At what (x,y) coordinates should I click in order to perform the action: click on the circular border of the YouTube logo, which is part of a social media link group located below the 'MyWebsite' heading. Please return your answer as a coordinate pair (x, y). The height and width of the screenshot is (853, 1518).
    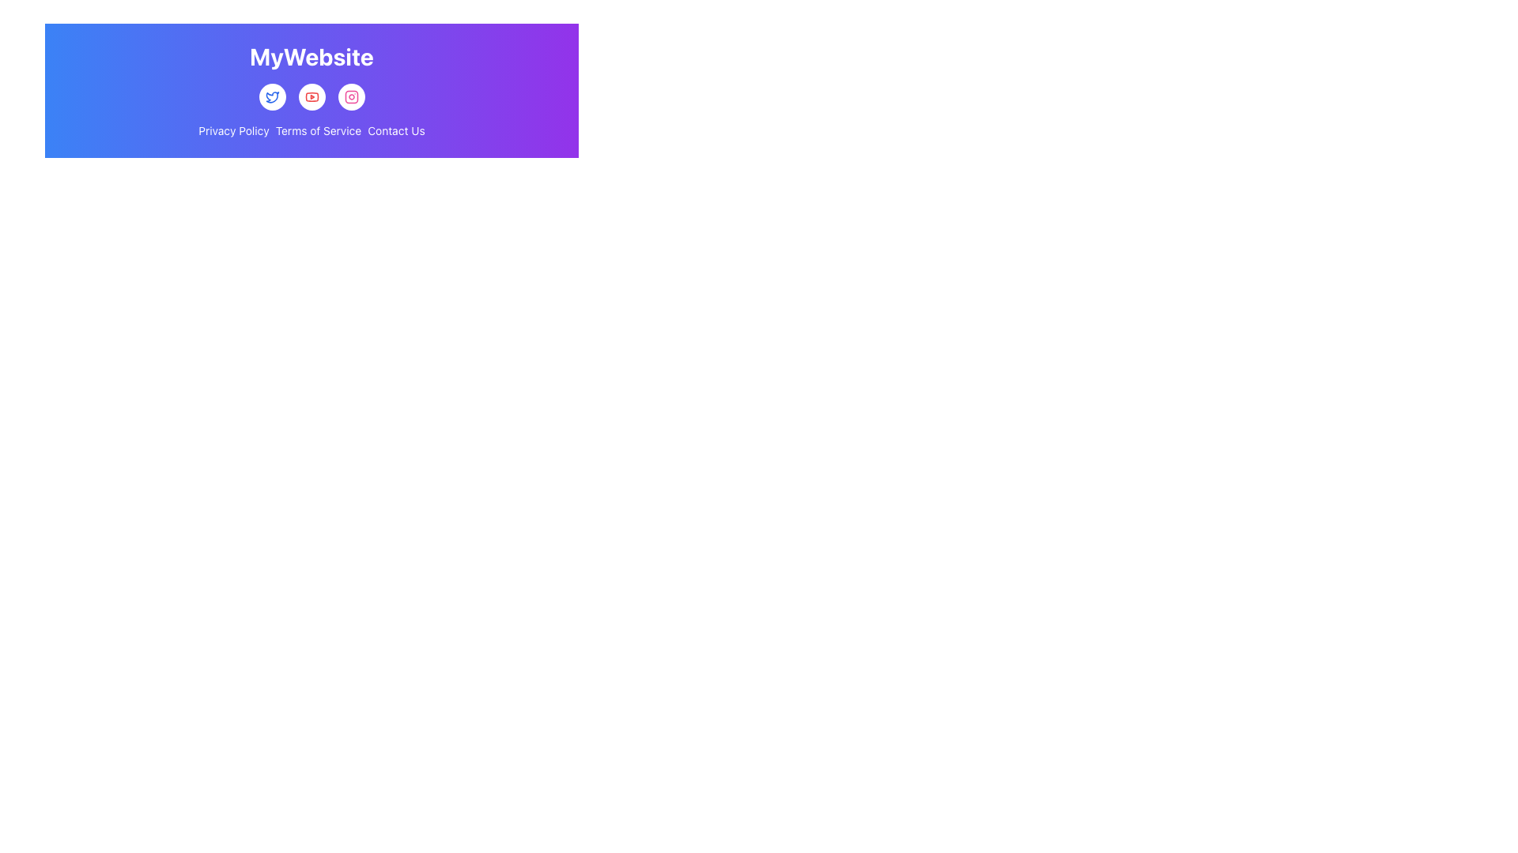
    Looking at the image, I should click on (312, 97).